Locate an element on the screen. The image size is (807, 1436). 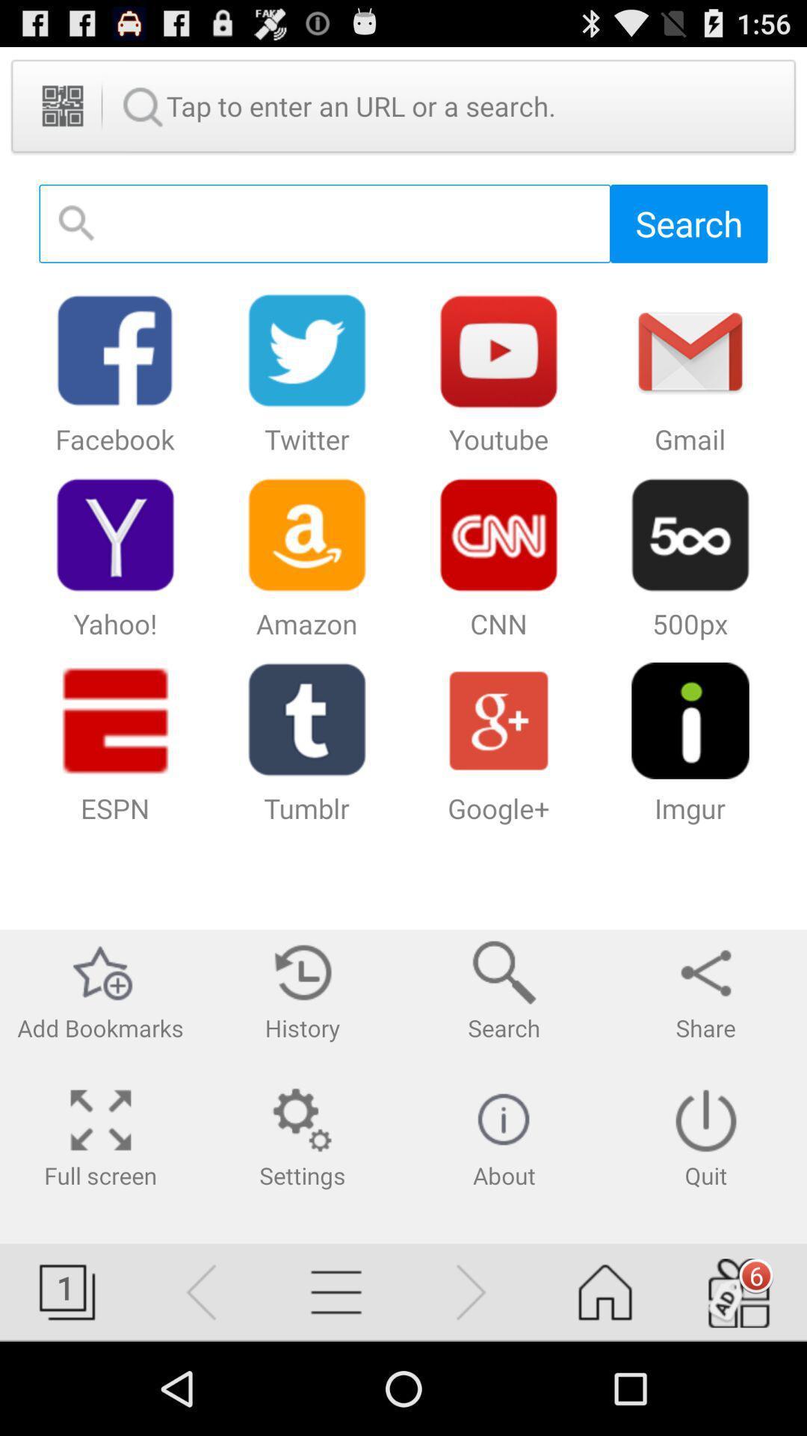
the arrow_forward icon is located at coordinates (469, 1382).